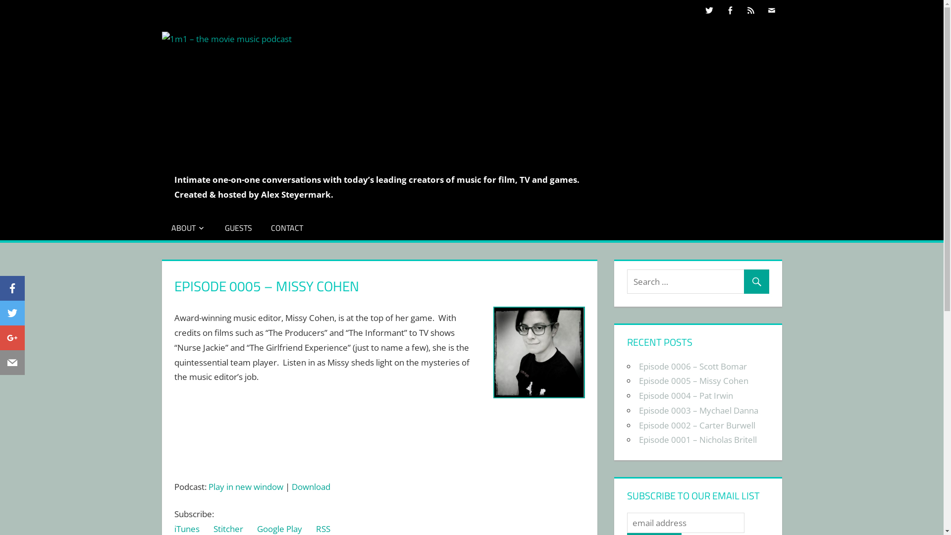 This screenshot has width=951, height=535. What do you see at coordinates (161, 227) in the screenshot?
I see `'ABOUT'` at bounding box center [161, 227].